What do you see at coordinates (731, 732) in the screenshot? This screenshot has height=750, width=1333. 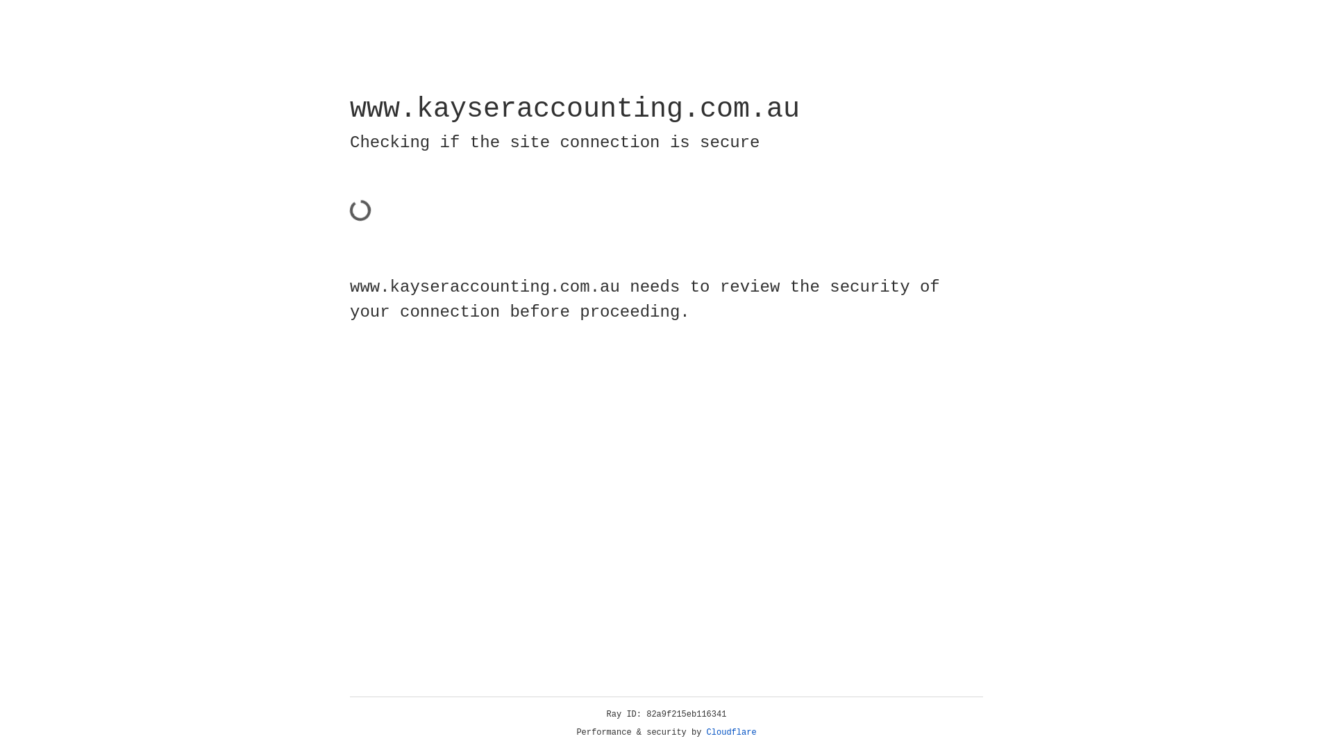 I see `'Cloudflare'` at bounding box center [731, 732].